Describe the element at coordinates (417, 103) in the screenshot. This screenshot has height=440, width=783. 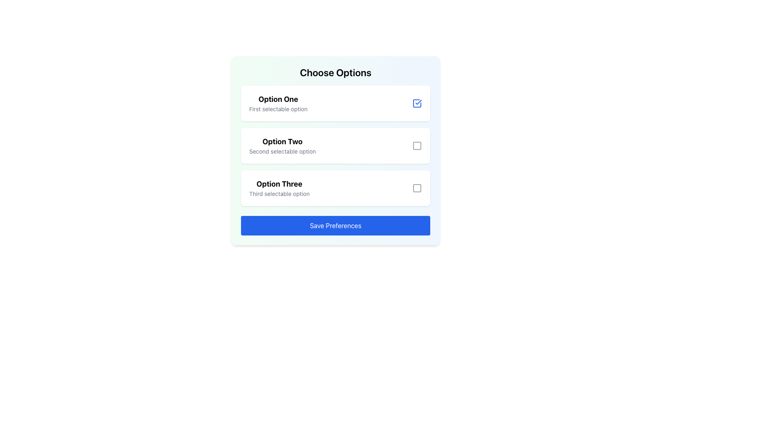
I see `the checkbox icon with a blue outline and a checkmark inside, located to the right of the 'Option One' text in the 'Choose Options' list to interact with it` at that location.